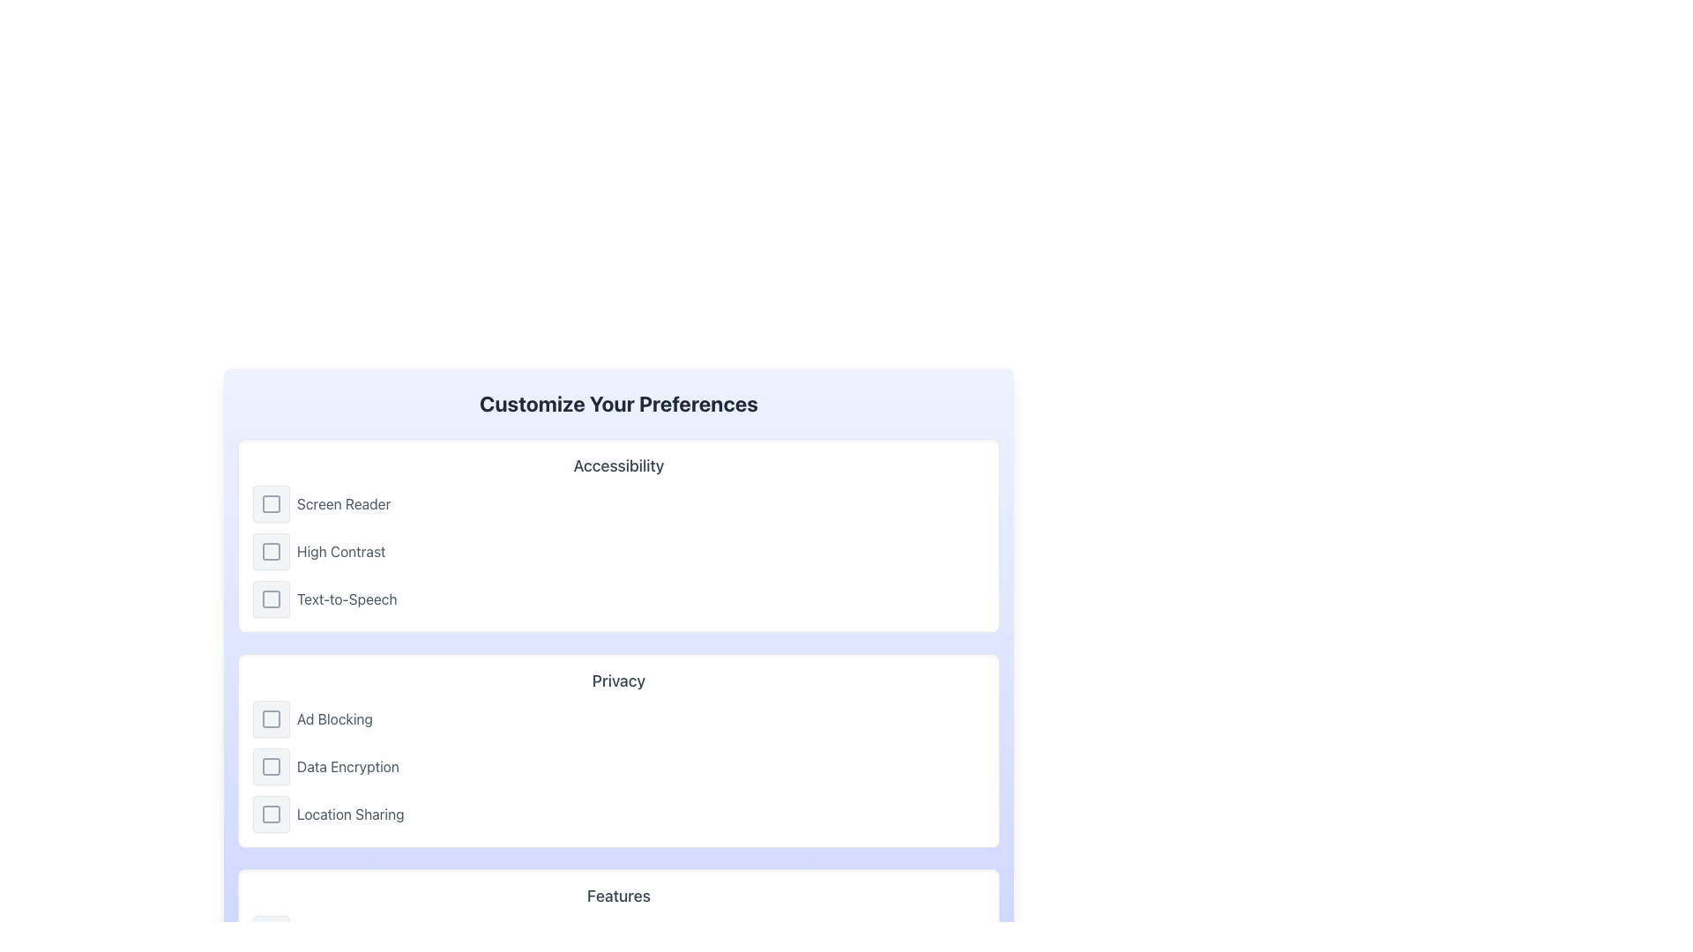 The height and width of the screenshot is (952, 1693). I want to click on the checkbox for 'Data Encryption' located in the 'Privacy' section of the 'Customize Your Preferences' interface, so click(270, 766).